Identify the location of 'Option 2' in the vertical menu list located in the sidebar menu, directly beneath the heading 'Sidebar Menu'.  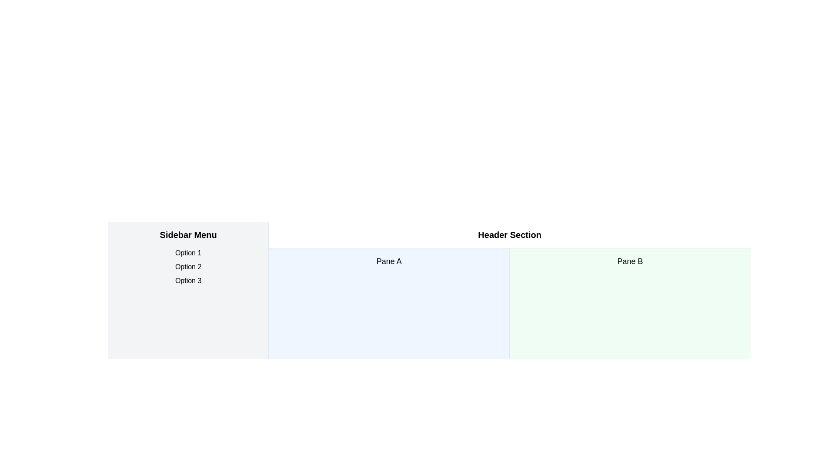
(188, 266).